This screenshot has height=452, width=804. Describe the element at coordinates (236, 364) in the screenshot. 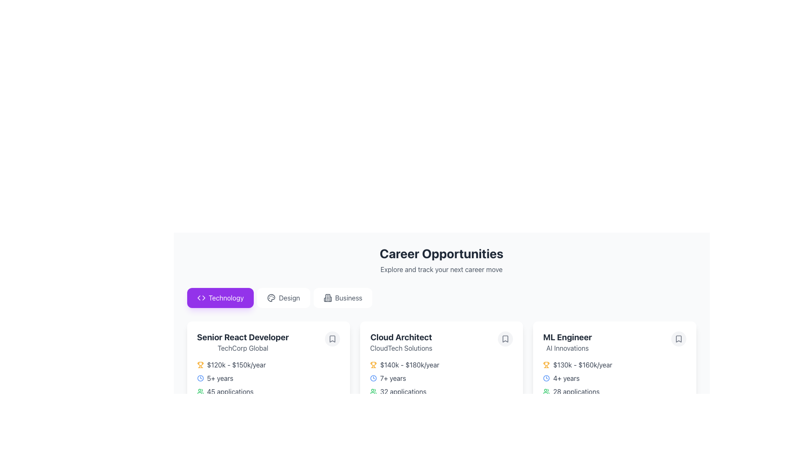

I see `the text label displaying the salary range '$120k - $150k/year' located in the job listing card, which is the second element in the row, immediately to the right of the amber trophy icon` at that location.